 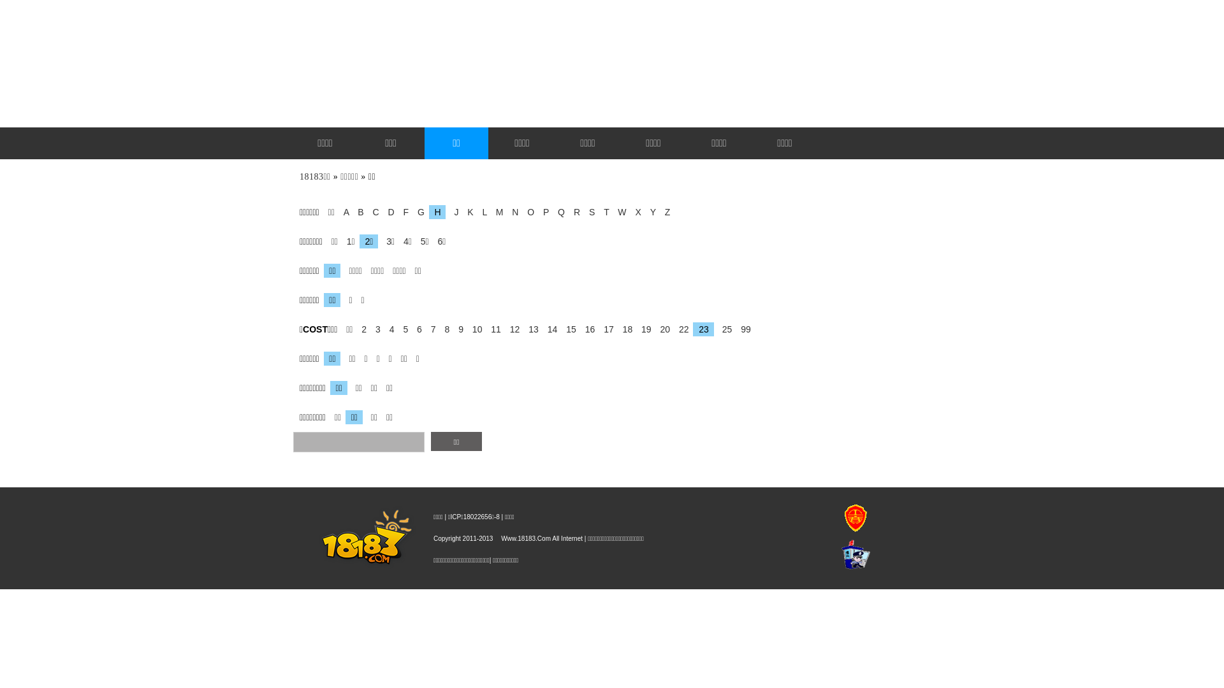 What do you see at coordinates (418, 211) in the screenshot?
I see `'G'` at bounding box center [418, 211].